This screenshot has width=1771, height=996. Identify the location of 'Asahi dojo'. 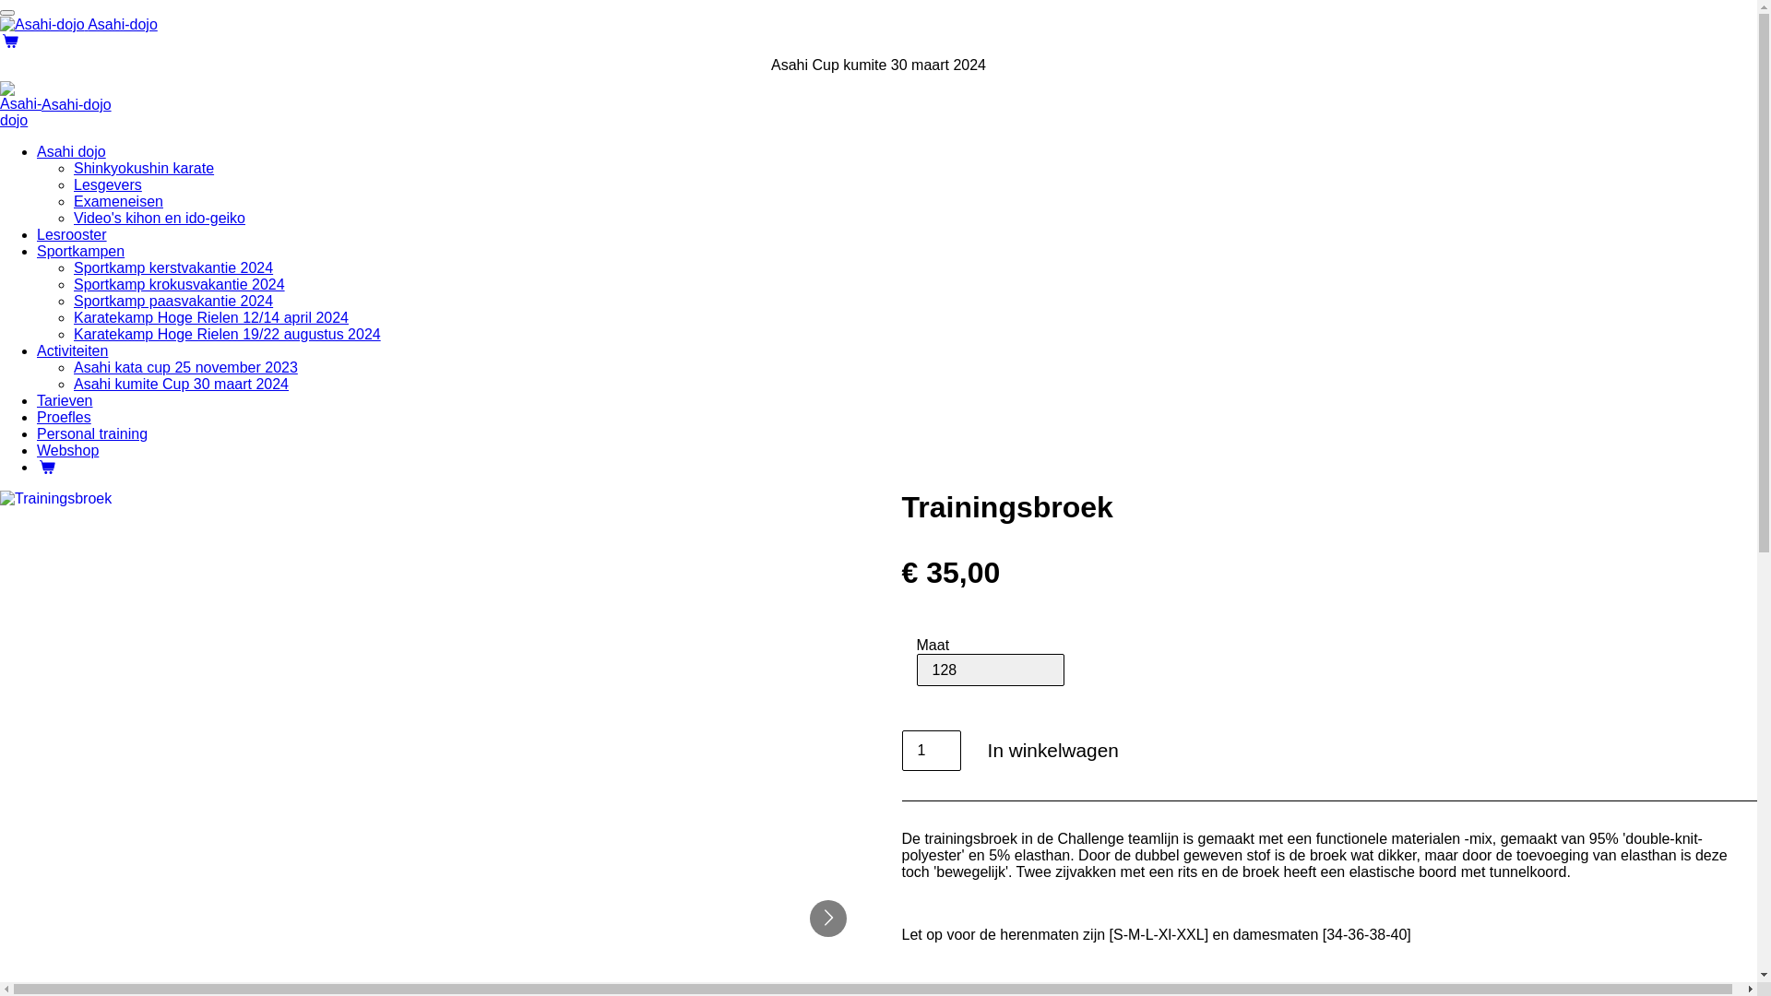
(71, 150).